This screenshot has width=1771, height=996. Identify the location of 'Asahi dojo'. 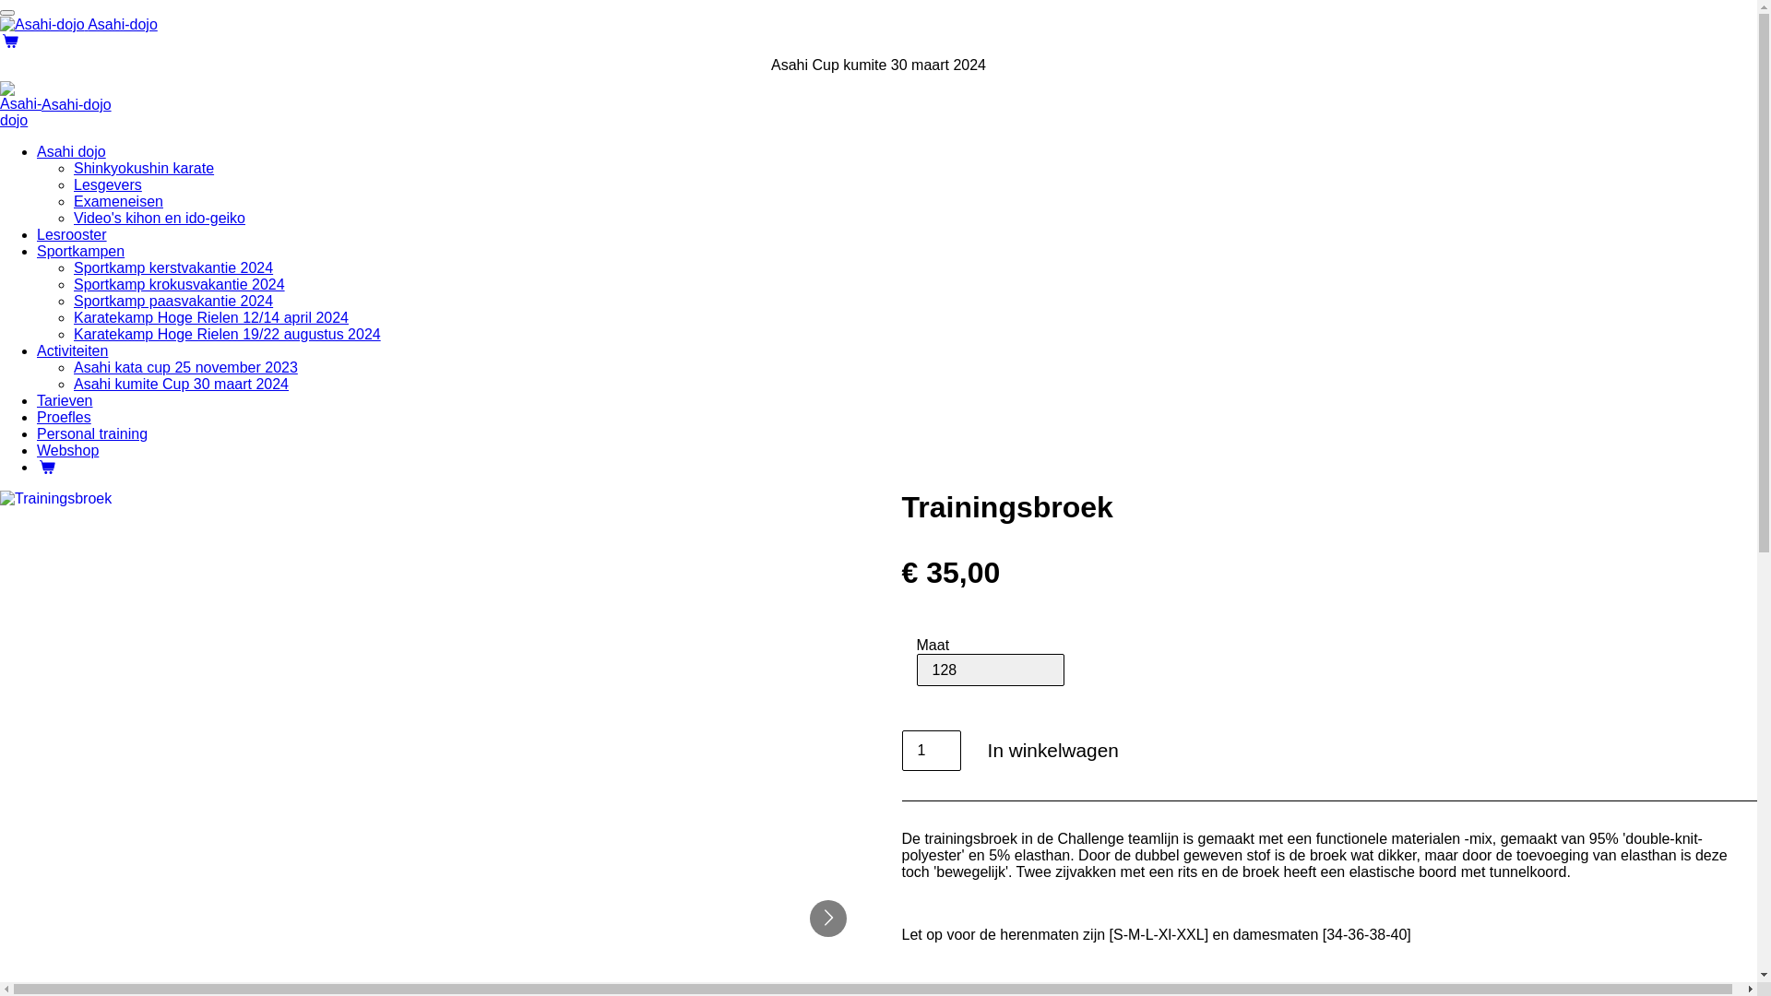
(71, 150).